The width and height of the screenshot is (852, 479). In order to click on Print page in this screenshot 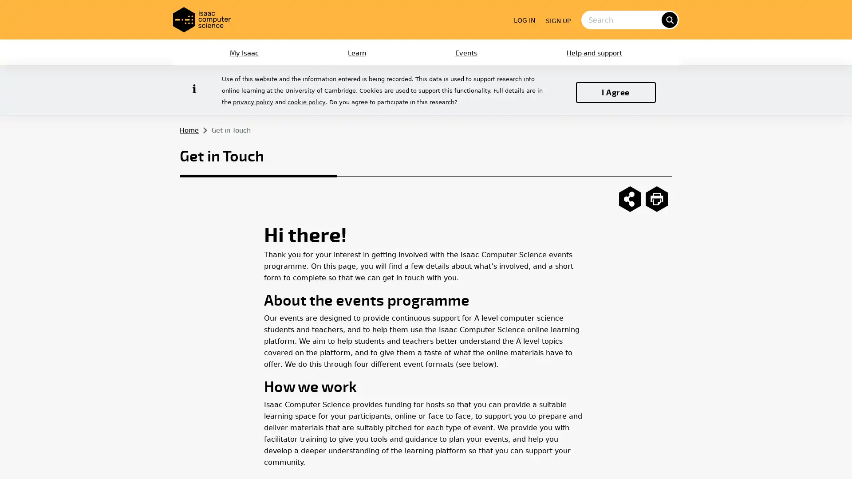, I will do `click(656, 198)`.